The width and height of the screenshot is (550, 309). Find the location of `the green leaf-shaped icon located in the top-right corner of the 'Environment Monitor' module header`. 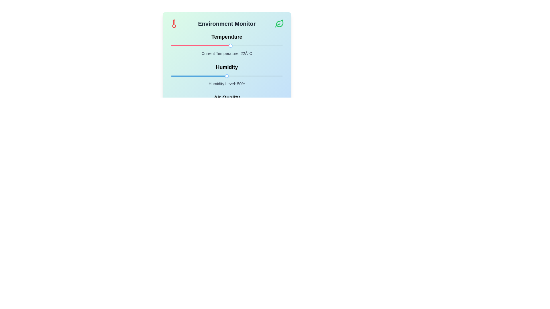

the green leaf-shaped icon located in the top-right corner of the 'Environment Monitor' module header is located at coordinates (279, 23).